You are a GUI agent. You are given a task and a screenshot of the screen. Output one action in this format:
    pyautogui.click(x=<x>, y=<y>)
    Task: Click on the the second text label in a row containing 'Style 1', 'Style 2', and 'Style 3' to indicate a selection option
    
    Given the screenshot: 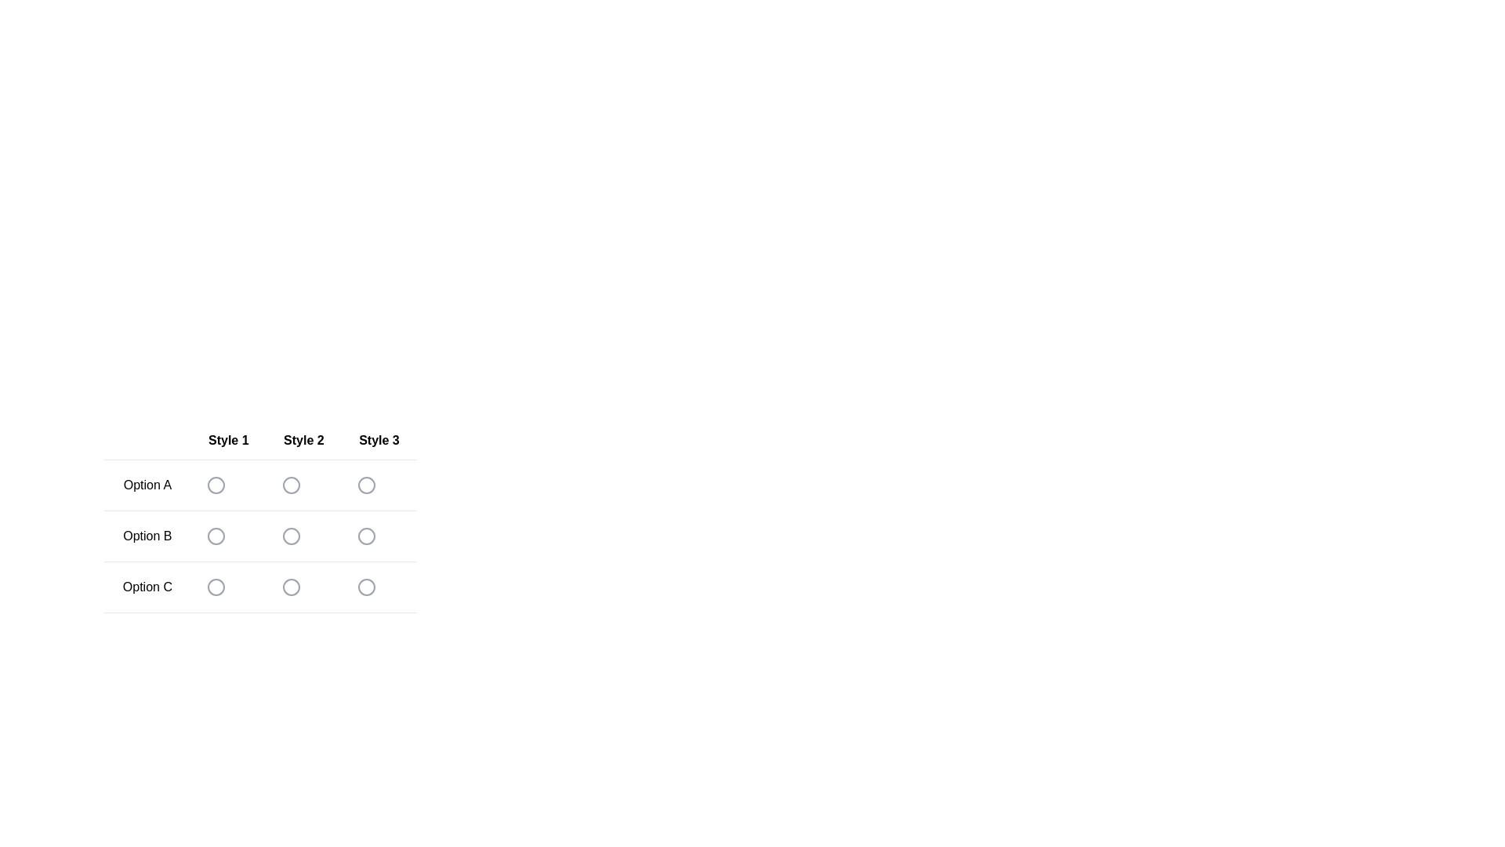 What is the action you would take?
    pyautogui.click(x=303, y=441)
    